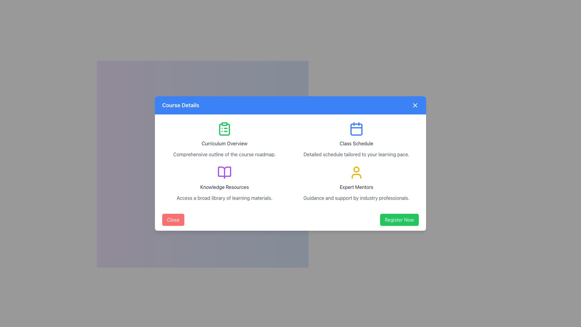  Describe the element at coordinates (356, 129) in the screenshot. I see `the Decorative Icon Component associated with the 'Class Schedule' section header, located in the top-right section of the dialog box` at that location.